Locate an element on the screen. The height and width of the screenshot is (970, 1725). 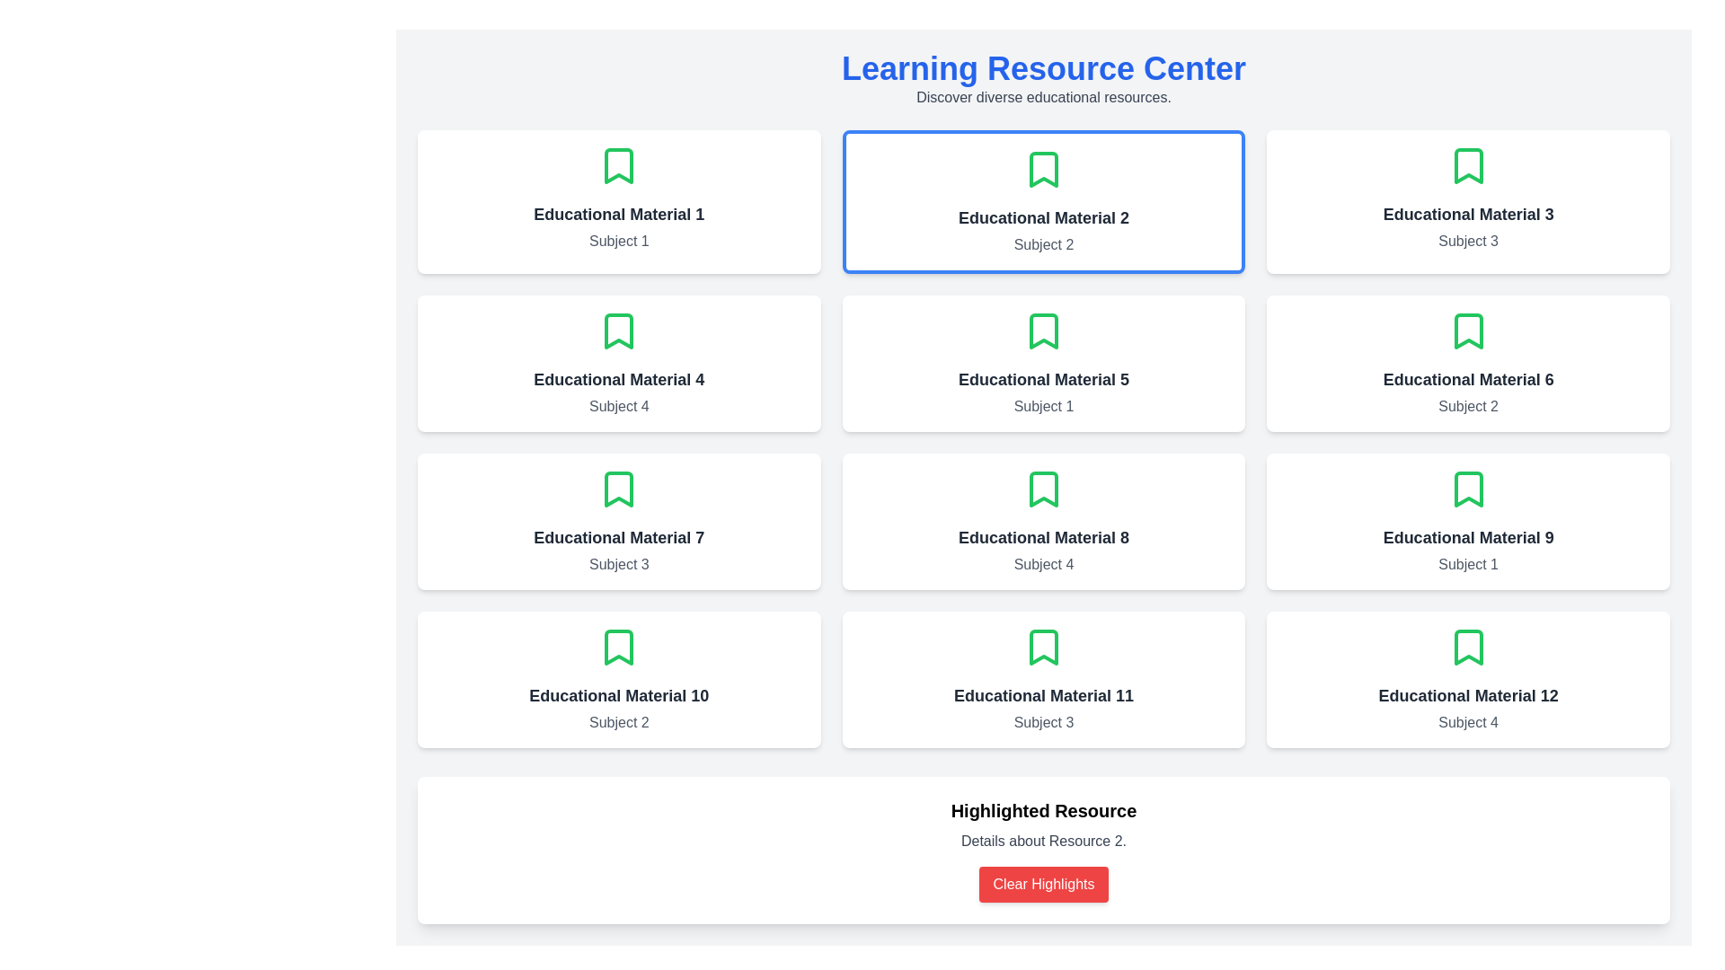
the SVG icon that serves as a visual indicator or marker for resource or bookmark functionality located within the card titled 'Educational Material 9', in the third row and third column of a 4x3 grid layout is located at coordinates (1468, 489).